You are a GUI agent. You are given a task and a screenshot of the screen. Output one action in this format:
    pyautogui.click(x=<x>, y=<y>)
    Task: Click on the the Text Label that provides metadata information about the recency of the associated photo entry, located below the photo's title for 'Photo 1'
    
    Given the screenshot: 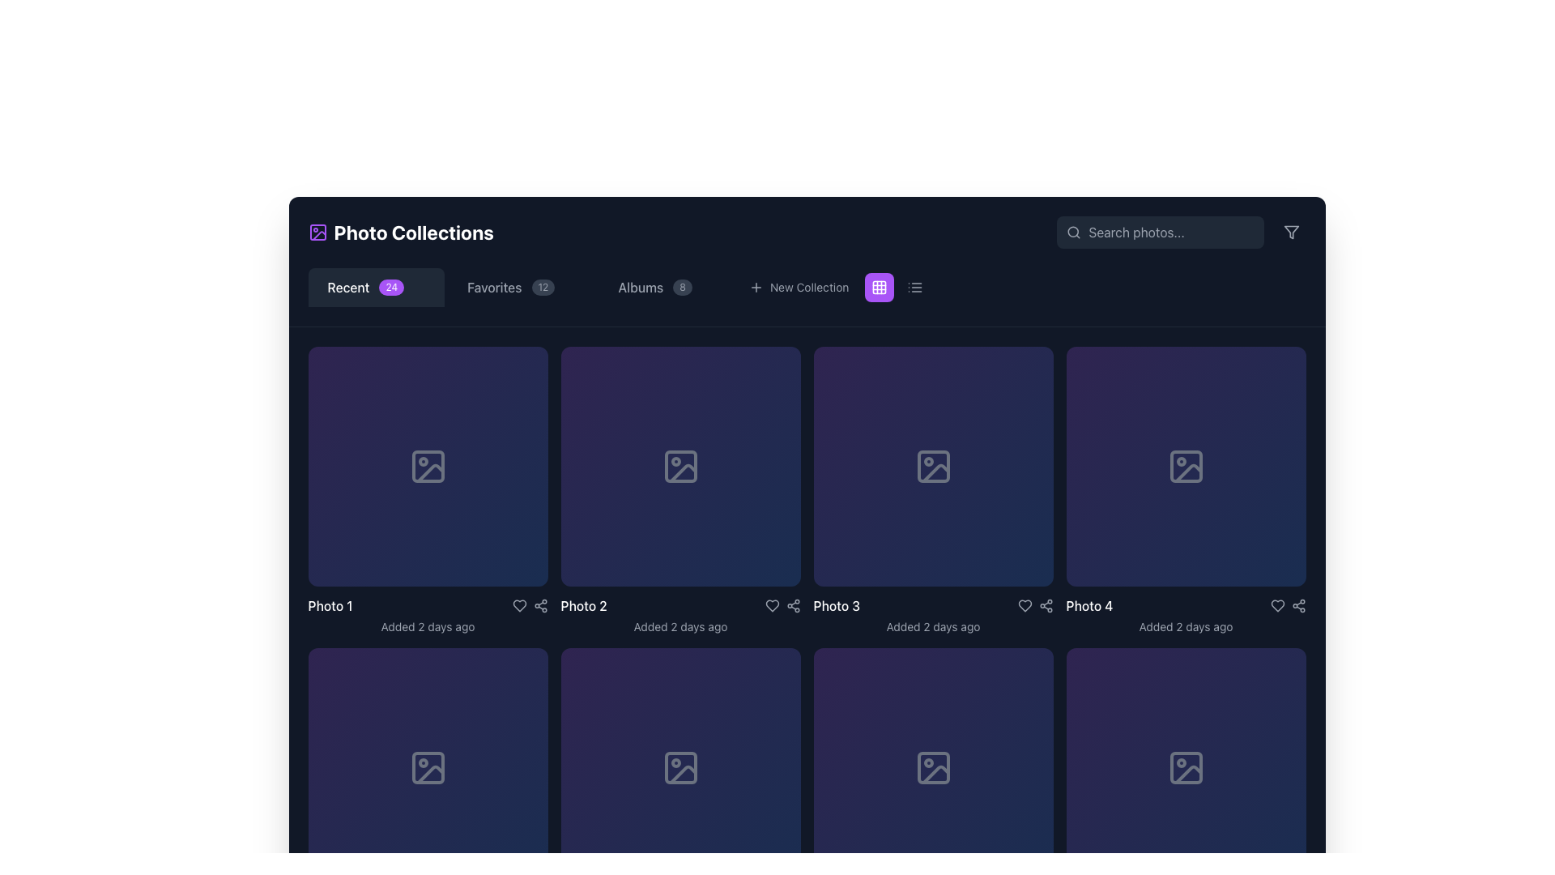 What is the action you would take?
    pyautogui.click(x=428, y=626)
    